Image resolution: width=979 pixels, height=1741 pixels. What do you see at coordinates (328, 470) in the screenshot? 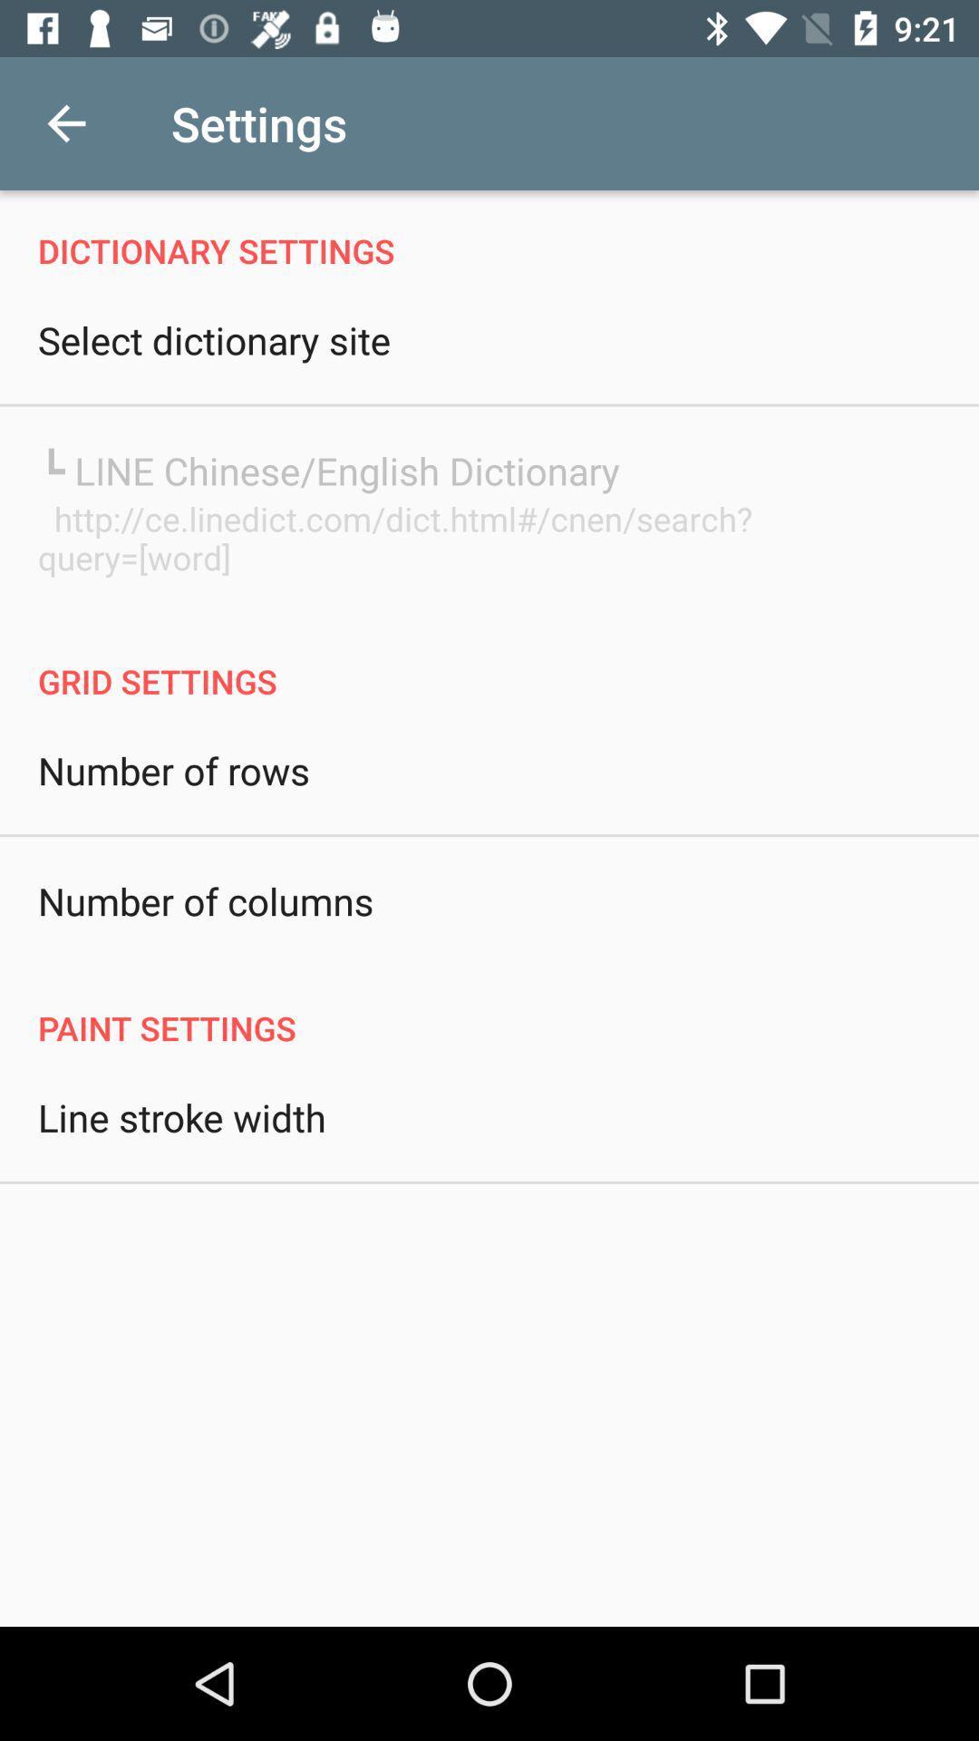
I see `the item above the http ce linedict` at bounding box center [328, 470].